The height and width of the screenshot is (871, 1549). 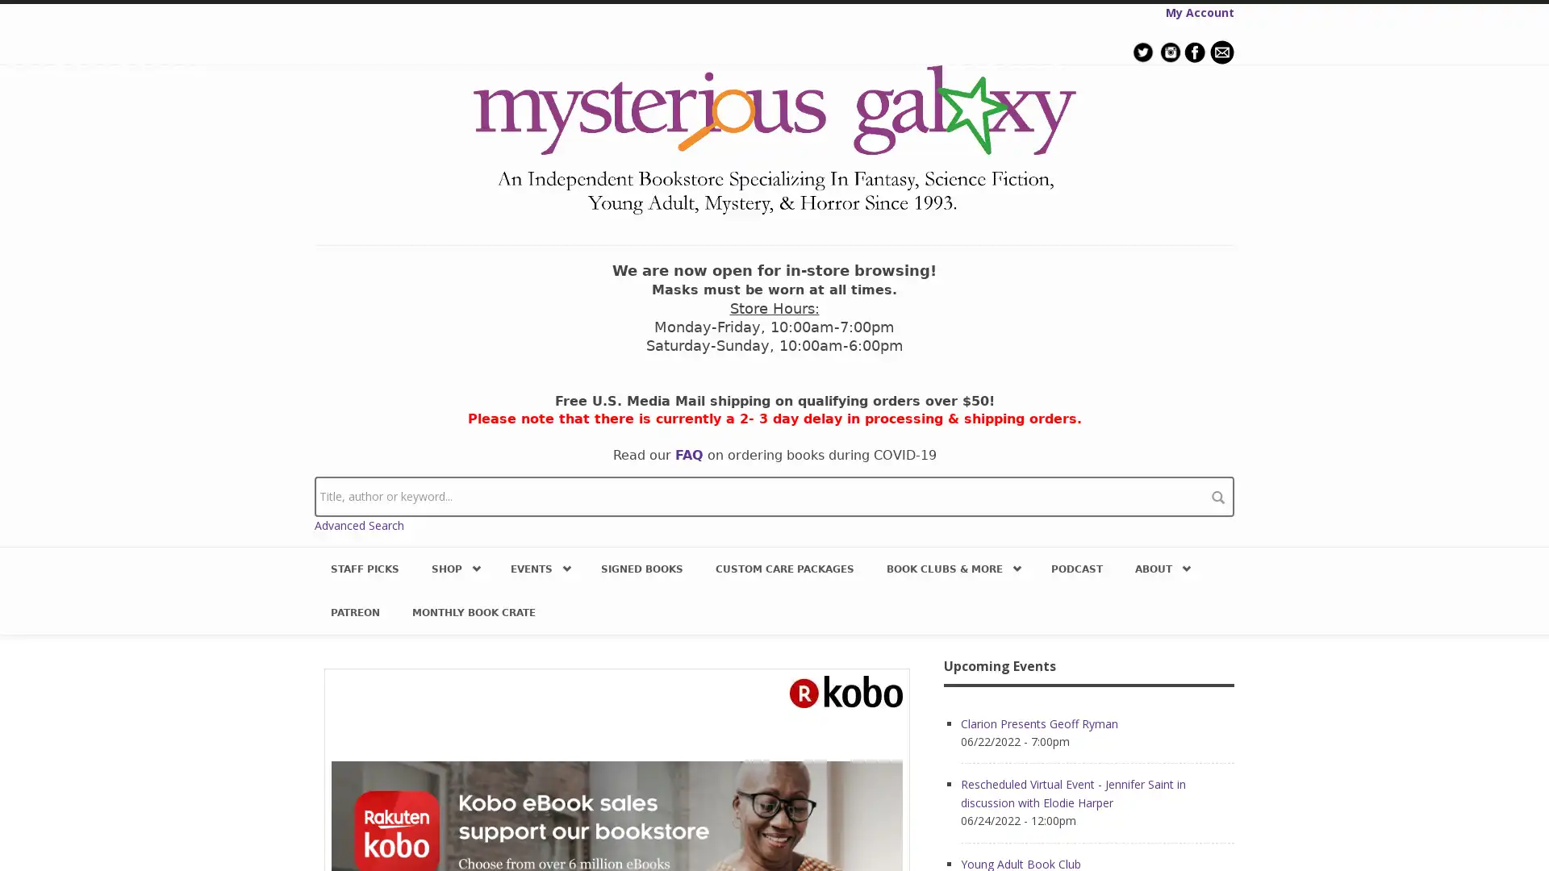 What do you see at coordinates (1218, 496) in the screenshot?
I see `search` at bounding box center [1218, 496].